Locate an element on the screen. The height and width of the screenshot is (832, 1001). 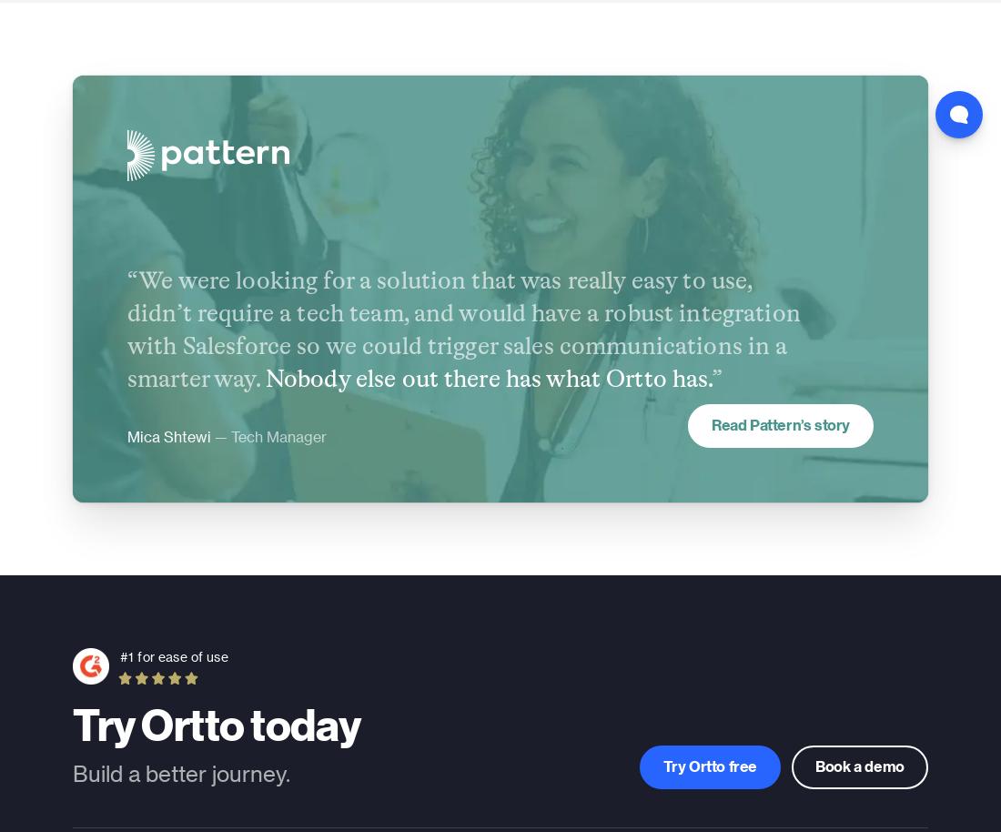
'Tech Manager' is located at coordinates (278, 436).